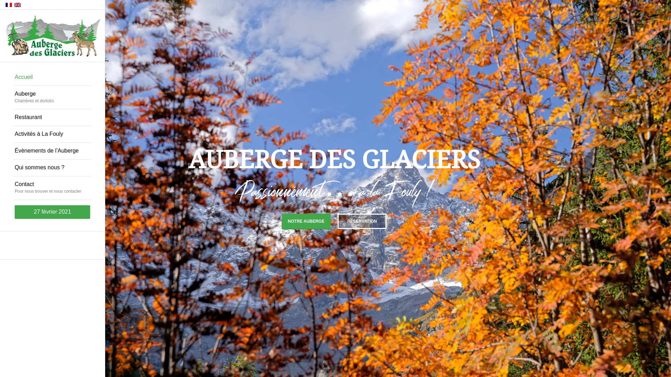 The height and width of the screenshot is (377, 671). I want to click on 'Accueil', so click(52, 77).